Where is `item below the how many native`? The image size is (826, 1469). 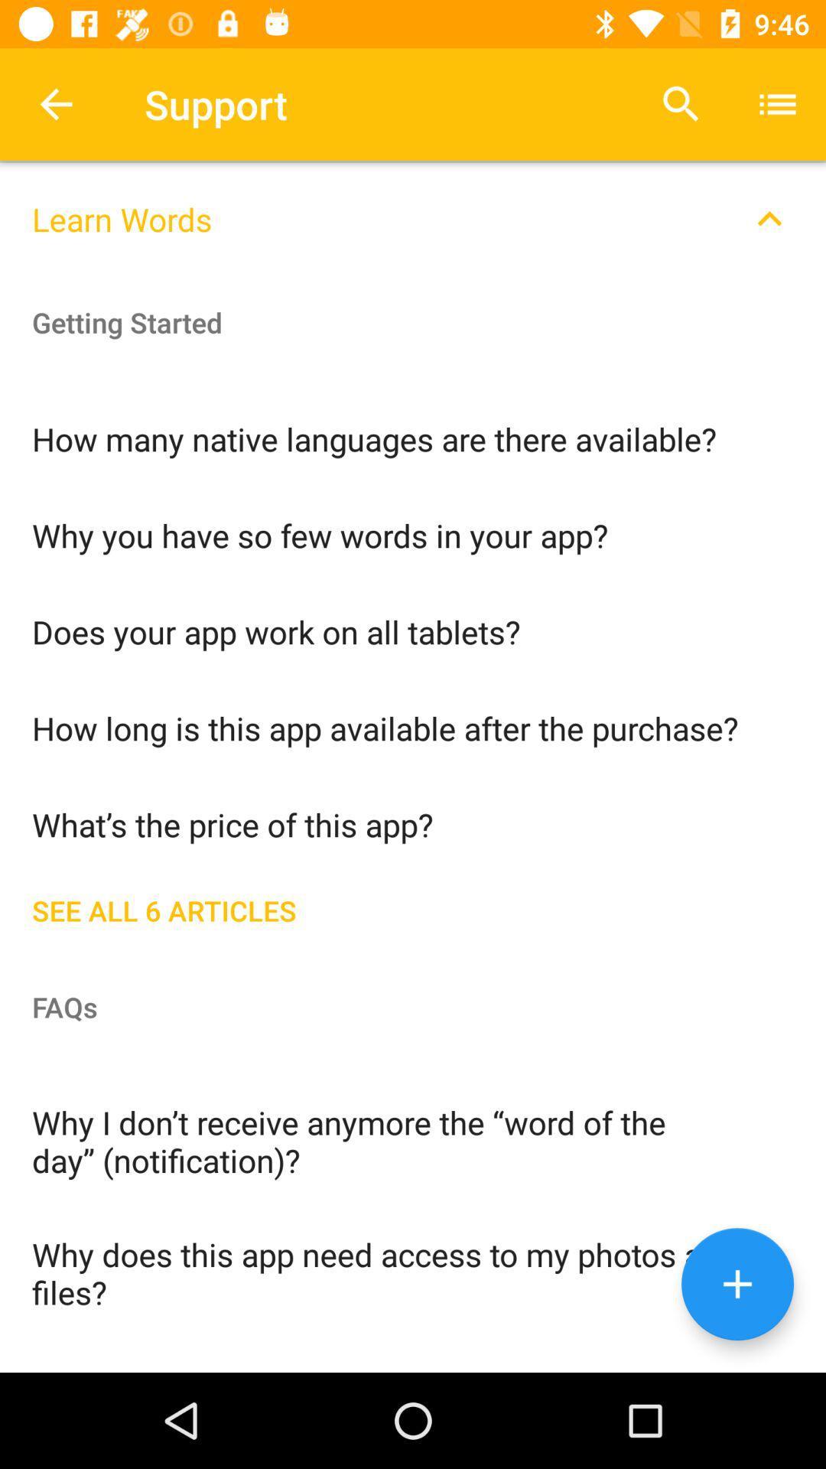
item below the how many native is located at coordinates (413, 534).